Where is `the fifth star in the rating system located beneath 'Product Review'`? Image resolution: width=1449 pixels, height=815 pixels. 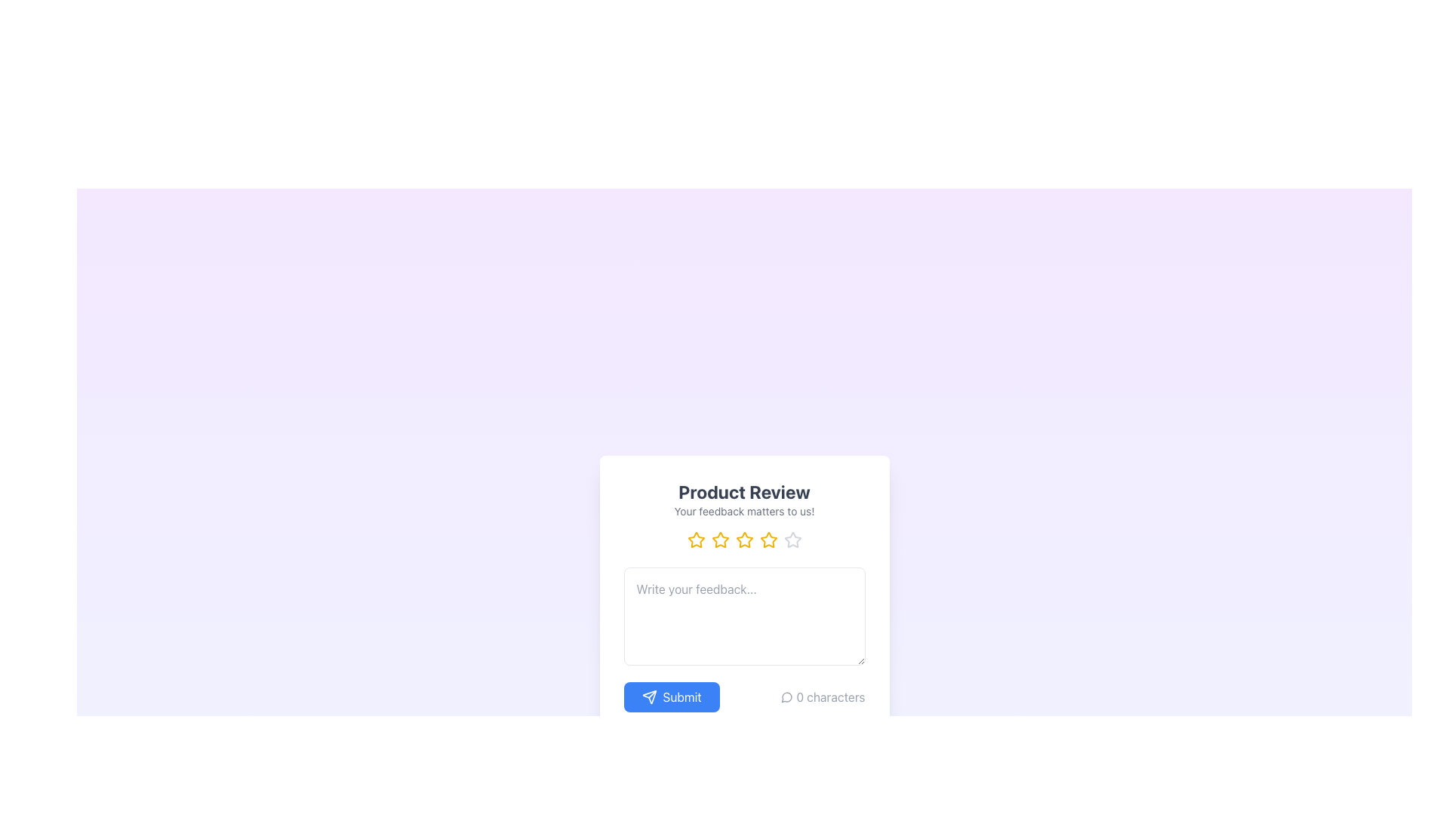
the fifth star in the rating system located beneath 'Product Review' is located at coordinates (792, 539).